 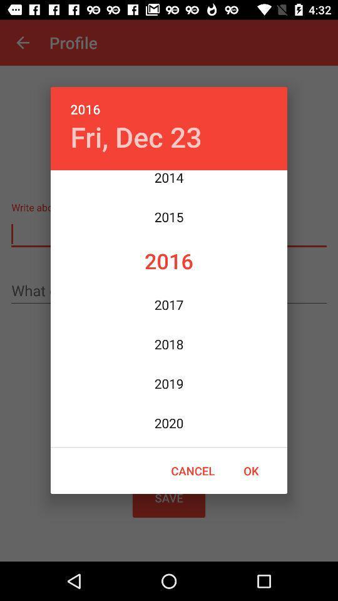 What do you see at coordinates (251, 470) in the screenshot?
I see `item next to the cancel item` at bounding box center [251, 470].